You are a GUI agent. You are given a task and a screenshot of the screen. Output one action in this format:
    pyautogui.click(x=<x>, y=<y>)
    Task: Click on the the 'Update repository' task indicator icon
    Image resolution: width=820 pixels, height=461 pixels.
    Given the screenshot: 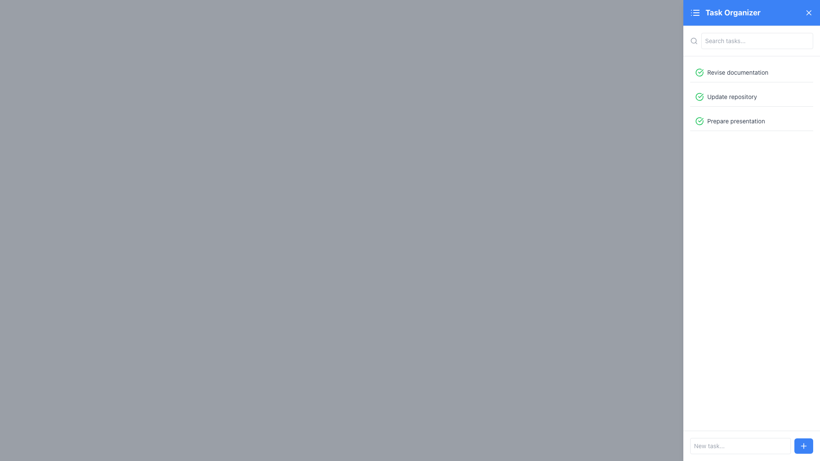 What is the action you would take?
    pyautogui.click(x=699, y=96)
    